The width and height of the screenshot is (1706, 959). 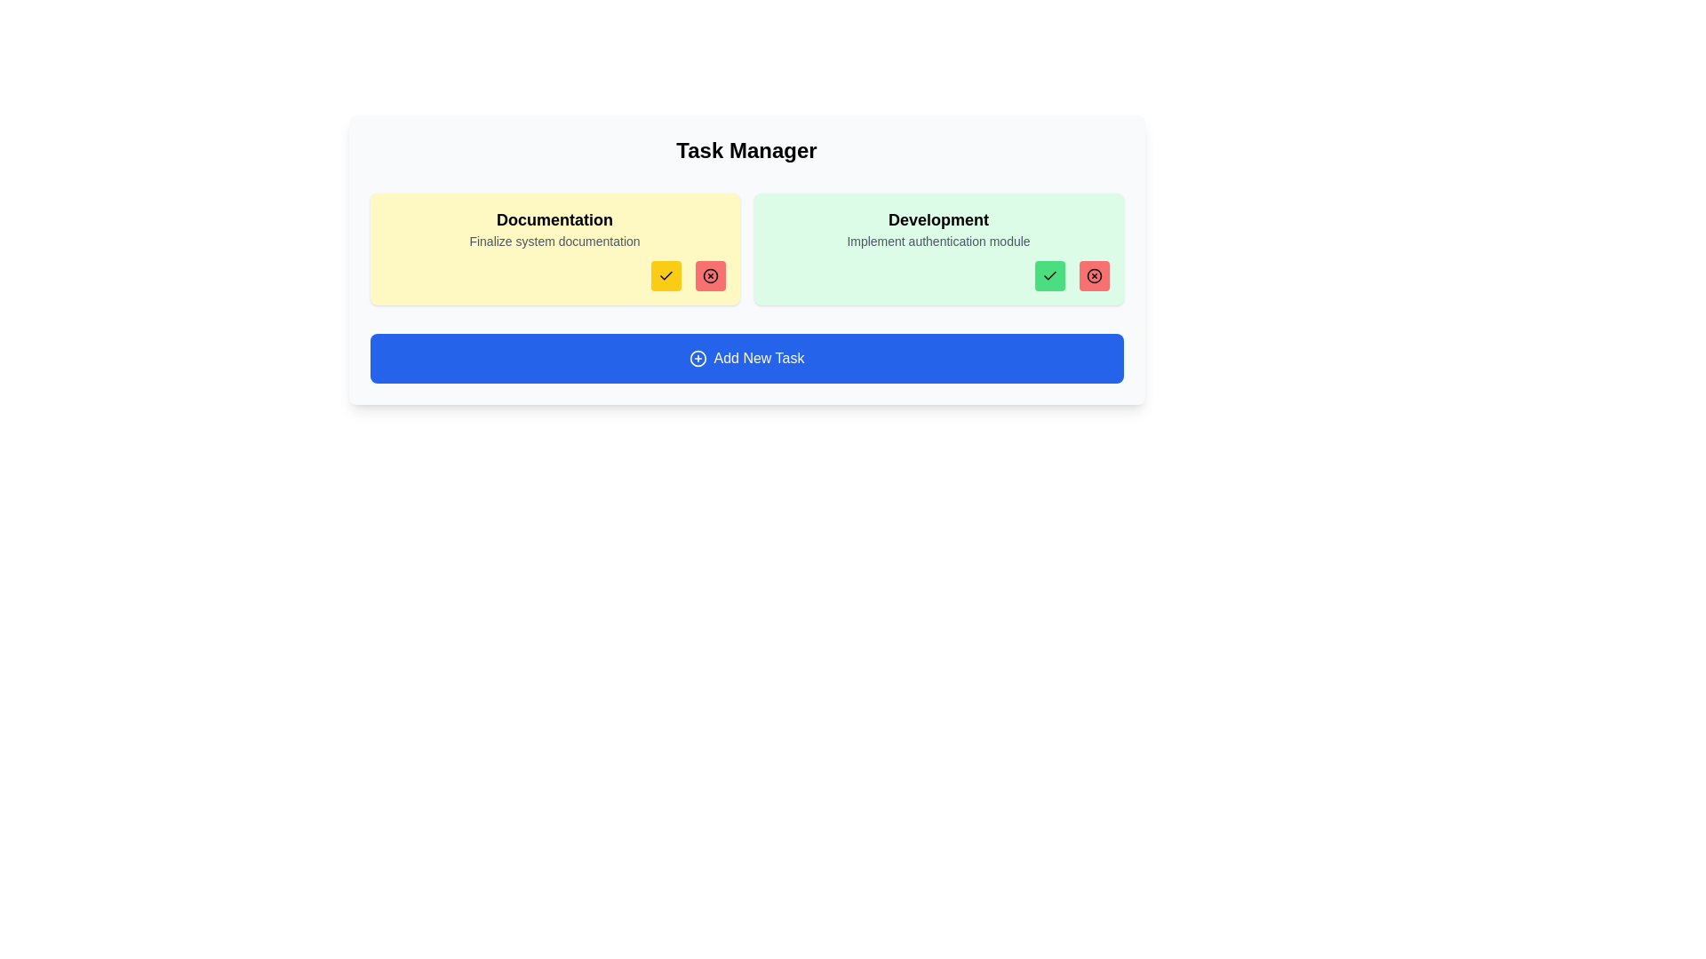 What do you see at coordinates (1093, 276) in the screenshot?
I see `the close button located on the right side of the 'Development' section` at bounding box center [1093, 276].